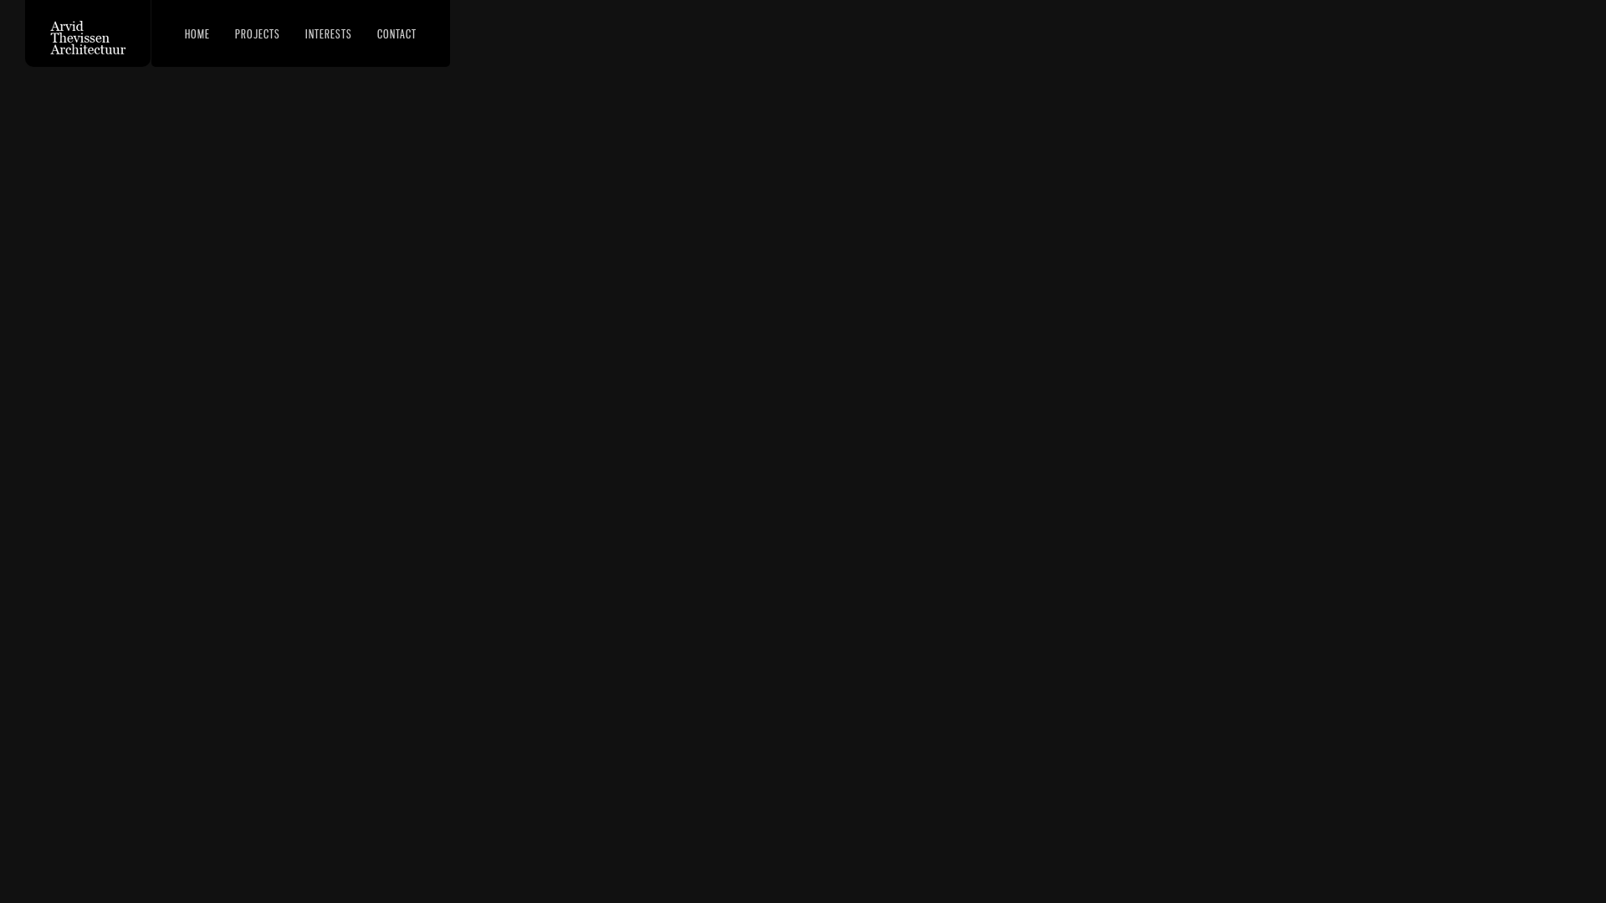  What do you see at coordinates (396, 32) in the screenshot?
I see `'CONTACT'` at bounding box center [396, 32].